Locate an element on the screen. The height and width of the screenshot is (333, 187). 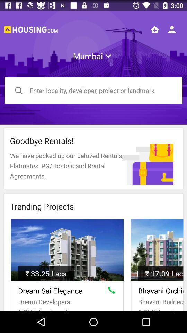
home is located at coordinates (155, 29).